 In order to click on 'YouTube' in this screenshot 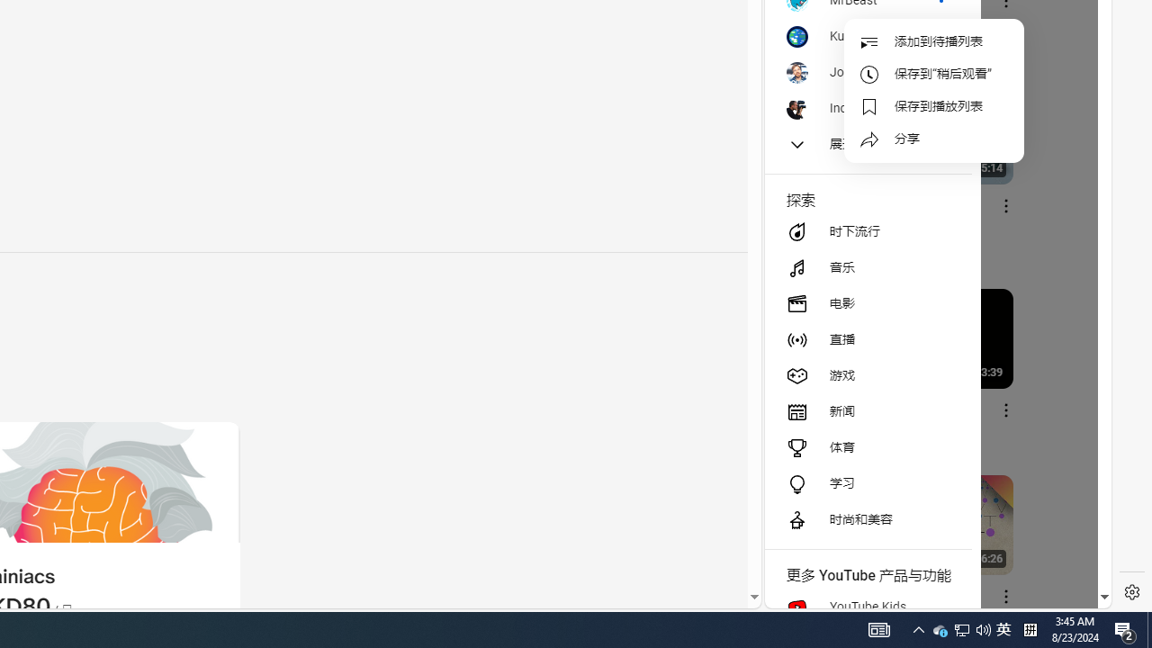, I will do `click(931, 388)`.